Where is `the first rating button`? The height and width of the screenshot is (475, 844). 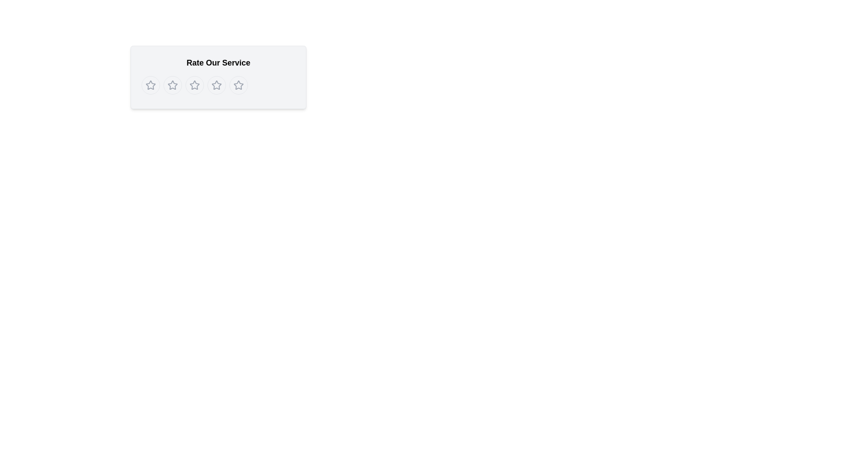 the first rating button is located at coordinates (150, 85).